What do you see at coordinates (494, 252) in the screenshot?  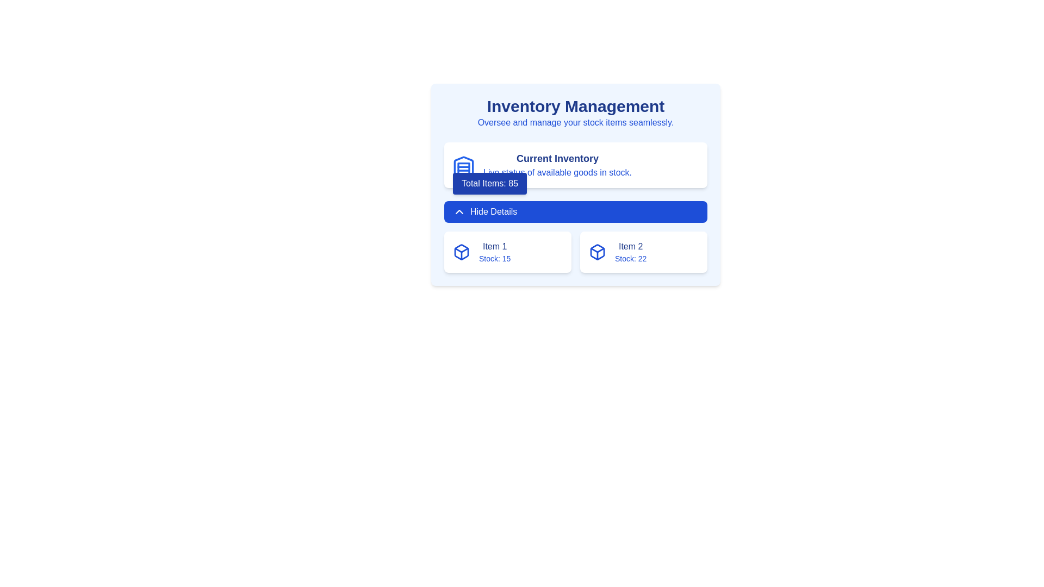 I see `the text display element showing 'Item 1' and 'Stock: 15', which is styled with a white background and rounded corners, located in the bottom-left corner of the card layout` at bounding box center [494, 252].